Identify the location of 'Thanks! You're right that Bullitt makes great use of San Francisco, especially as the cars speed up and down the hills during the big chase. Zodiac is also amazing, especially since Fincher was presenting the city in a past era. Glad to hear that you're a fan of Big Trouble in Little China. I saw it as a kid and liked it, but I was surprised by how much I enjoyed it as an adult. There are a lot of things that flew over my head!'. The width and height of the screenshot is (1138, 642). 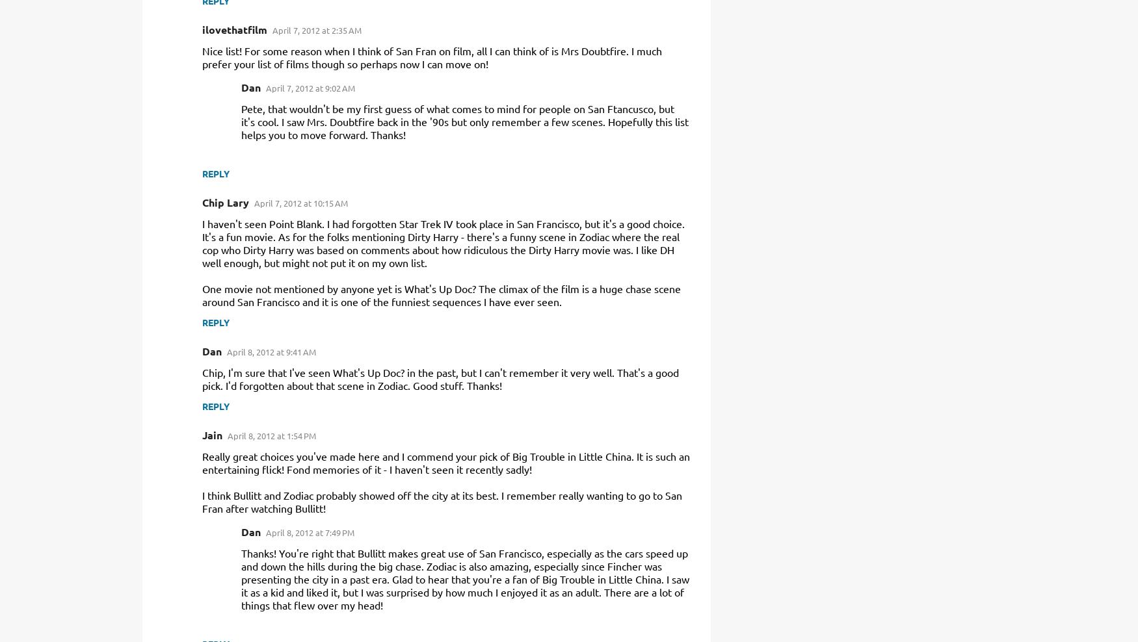
(241, 578).